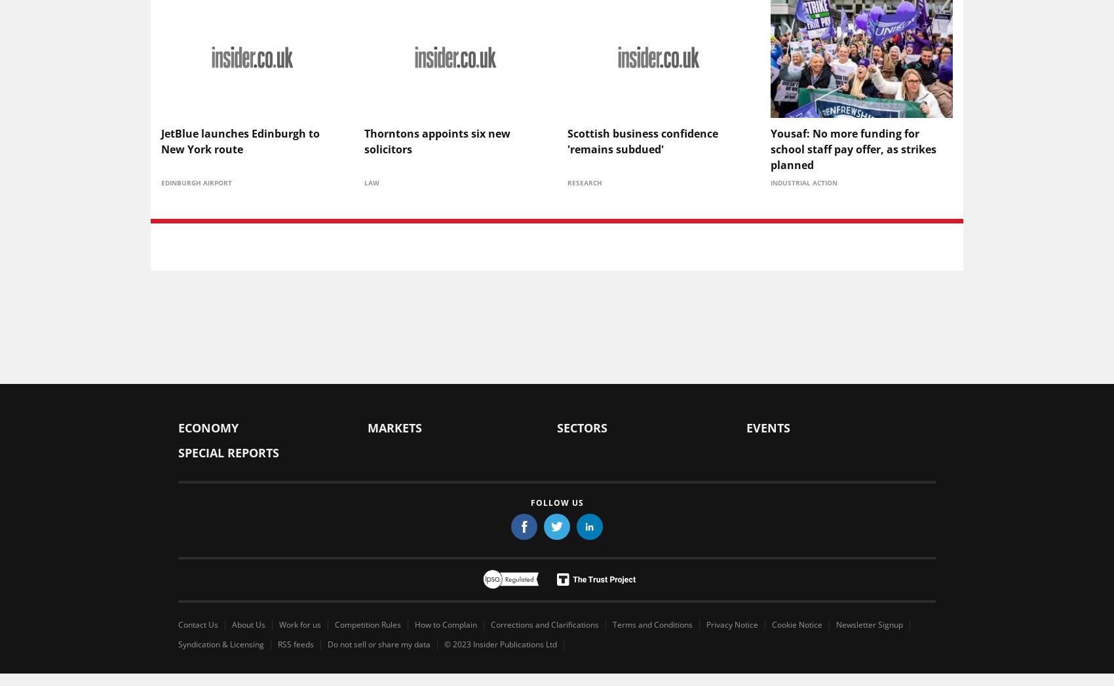 The image size is (1114, 686). Describe the element at coordinates (446, 623) in the screenshot. I see `'How to Complain'` at that location.